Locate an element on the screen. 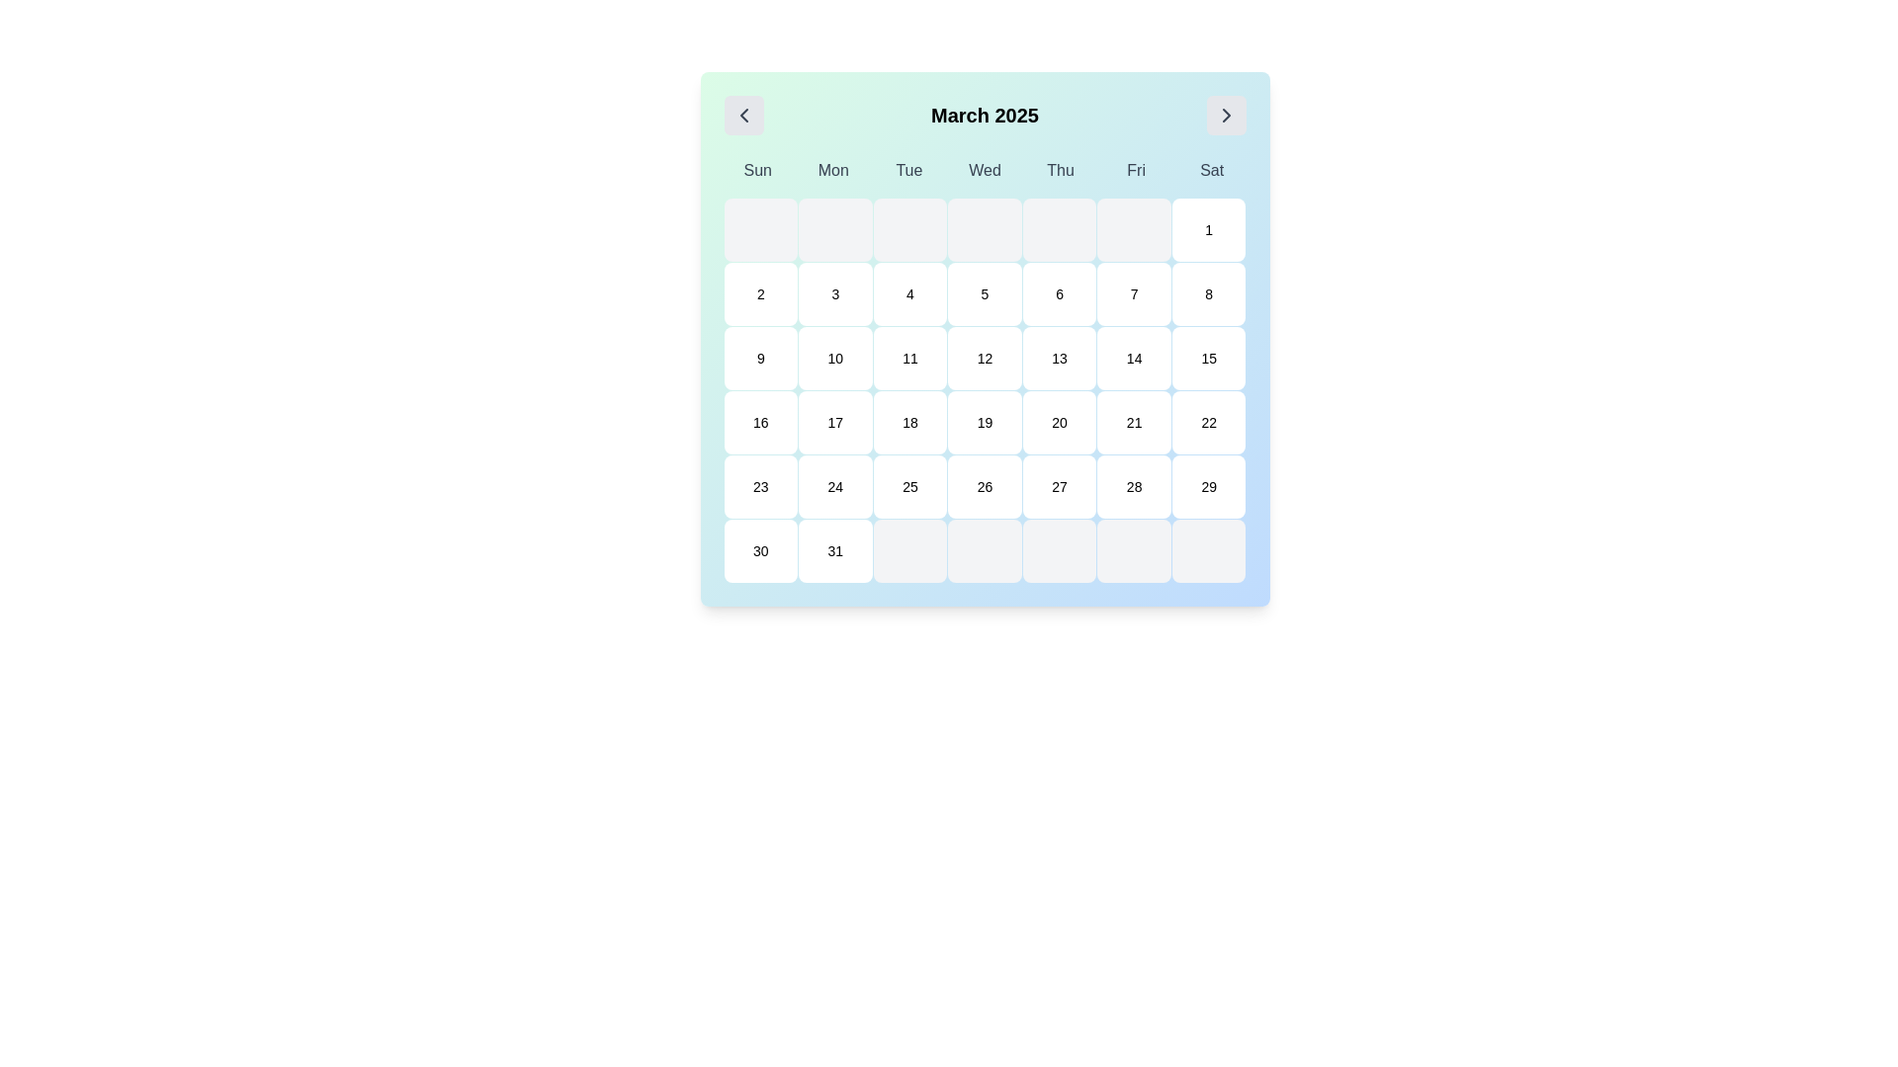 The width and height of the screenshot is (1898, 1067). the button representing the date '11' in the calendar view to prompt a highlight is located at coordinates (908, 358).